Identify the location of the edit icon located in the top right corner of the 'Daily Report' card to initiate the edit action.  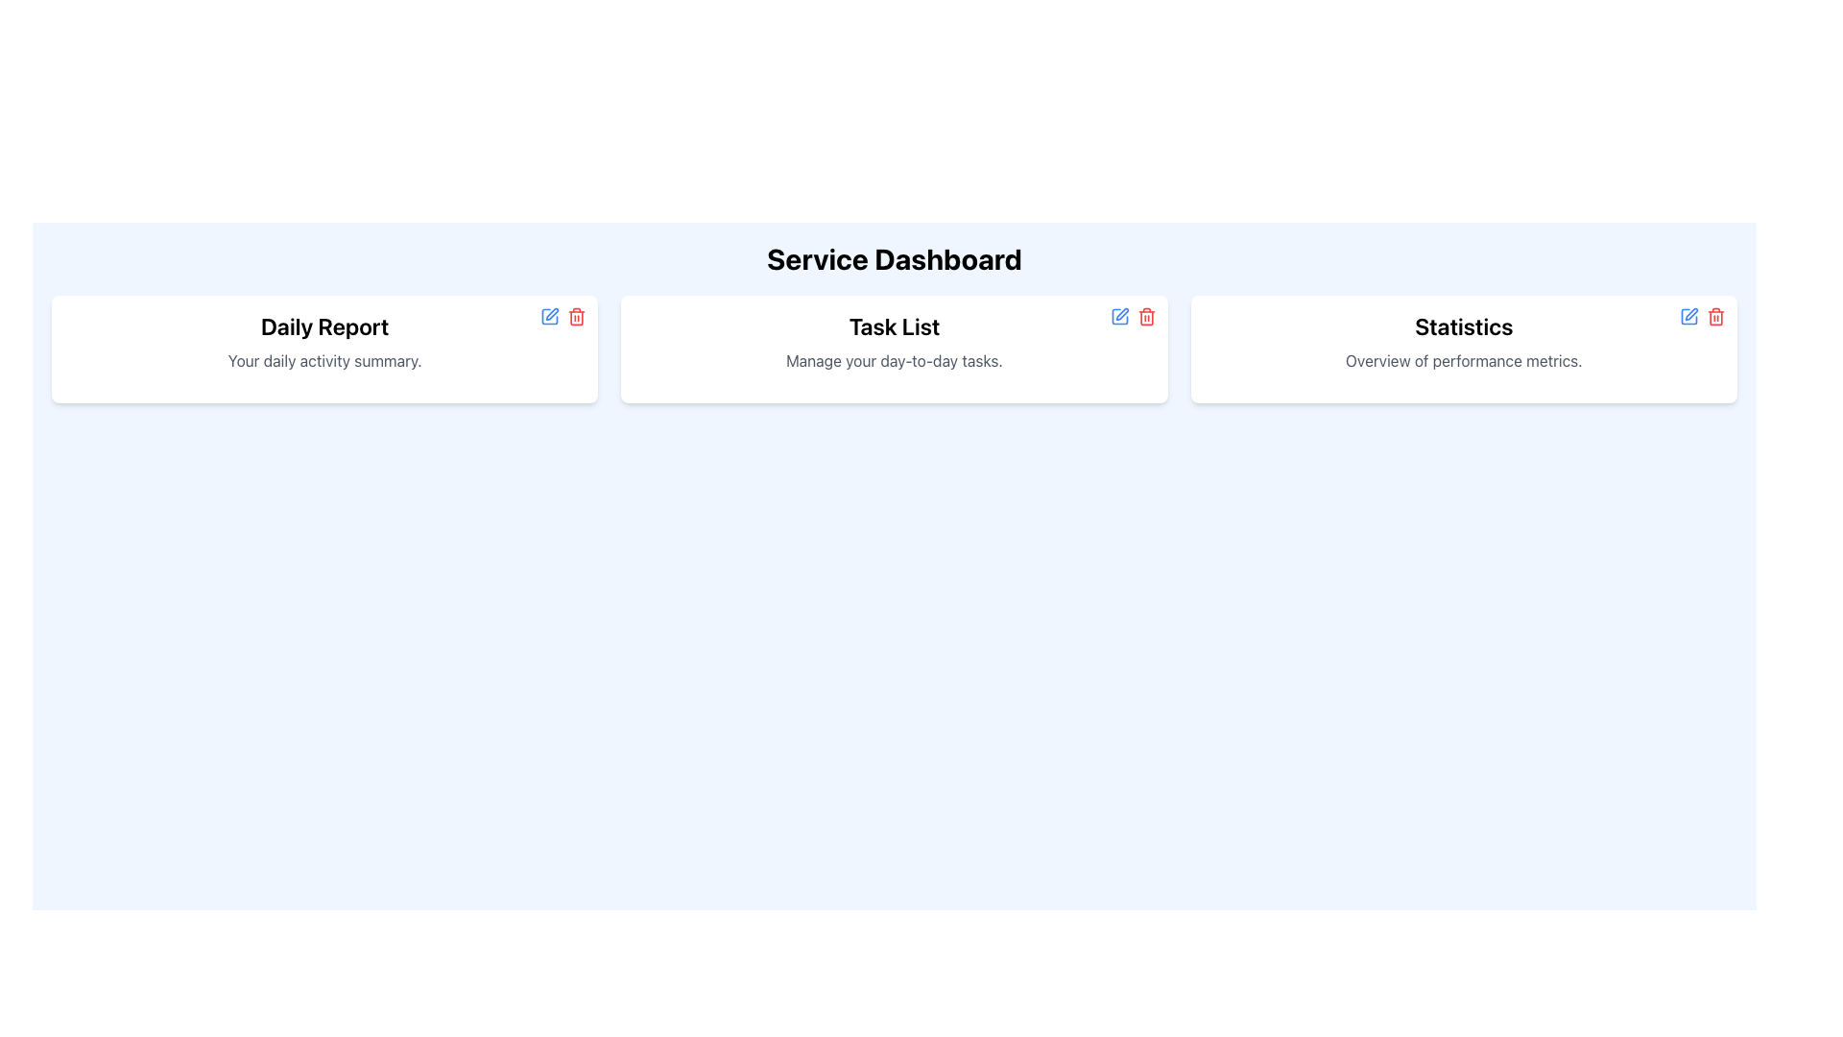
(551, 313).